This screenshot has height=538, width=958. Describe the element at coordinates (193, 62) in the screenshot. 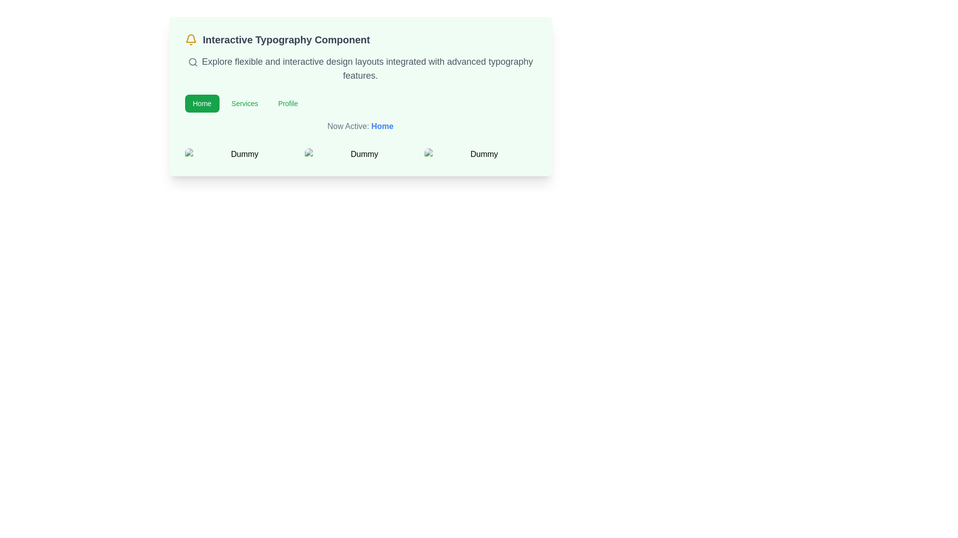

I see `the search or magnification icon located to the left of the text block that reads 'Explore flexible and interactive design layouts integrated with advanced typography features.'` at that location.